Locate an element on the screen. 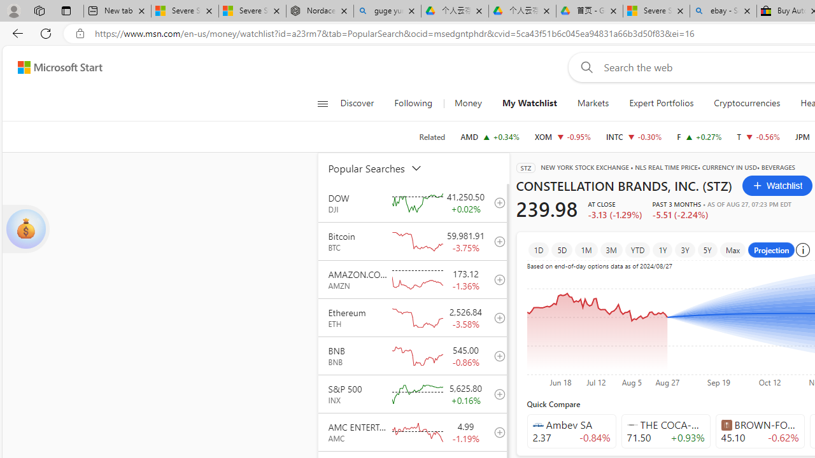  'F FORD MOTOR COMPANY increase 11.14 +0.03 +0.27%' is located at coordinates (698, 136).